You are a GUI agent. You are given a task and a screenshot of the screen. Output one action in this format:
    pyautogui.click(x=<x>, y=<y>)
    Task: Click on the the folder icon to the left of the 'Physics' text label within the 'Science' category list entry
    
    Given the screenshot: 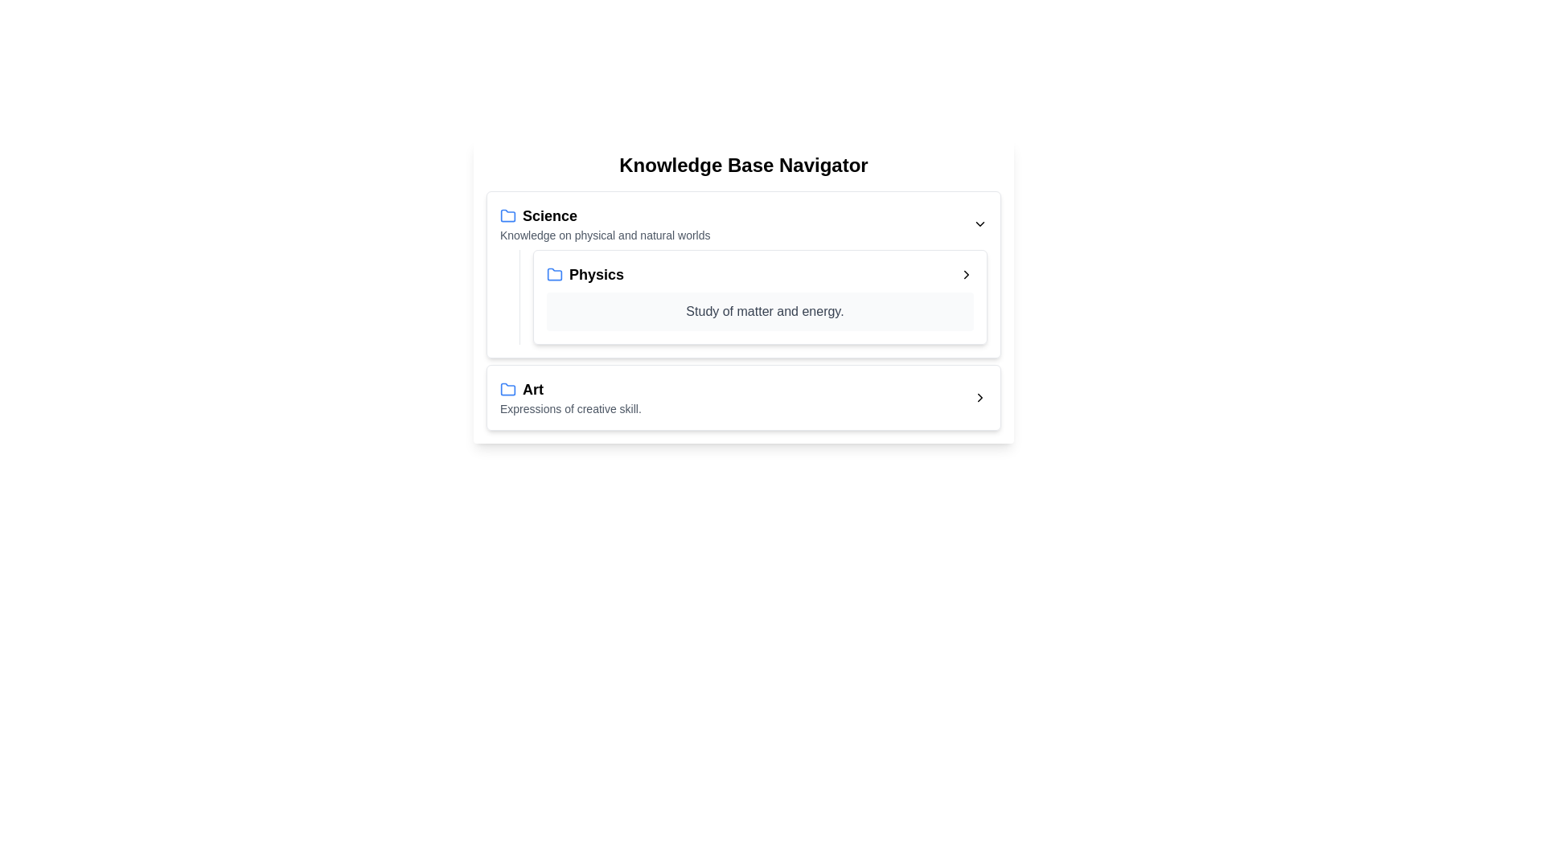 What is the action you would take?
    pyautogui.click(x=555, y=272)
    